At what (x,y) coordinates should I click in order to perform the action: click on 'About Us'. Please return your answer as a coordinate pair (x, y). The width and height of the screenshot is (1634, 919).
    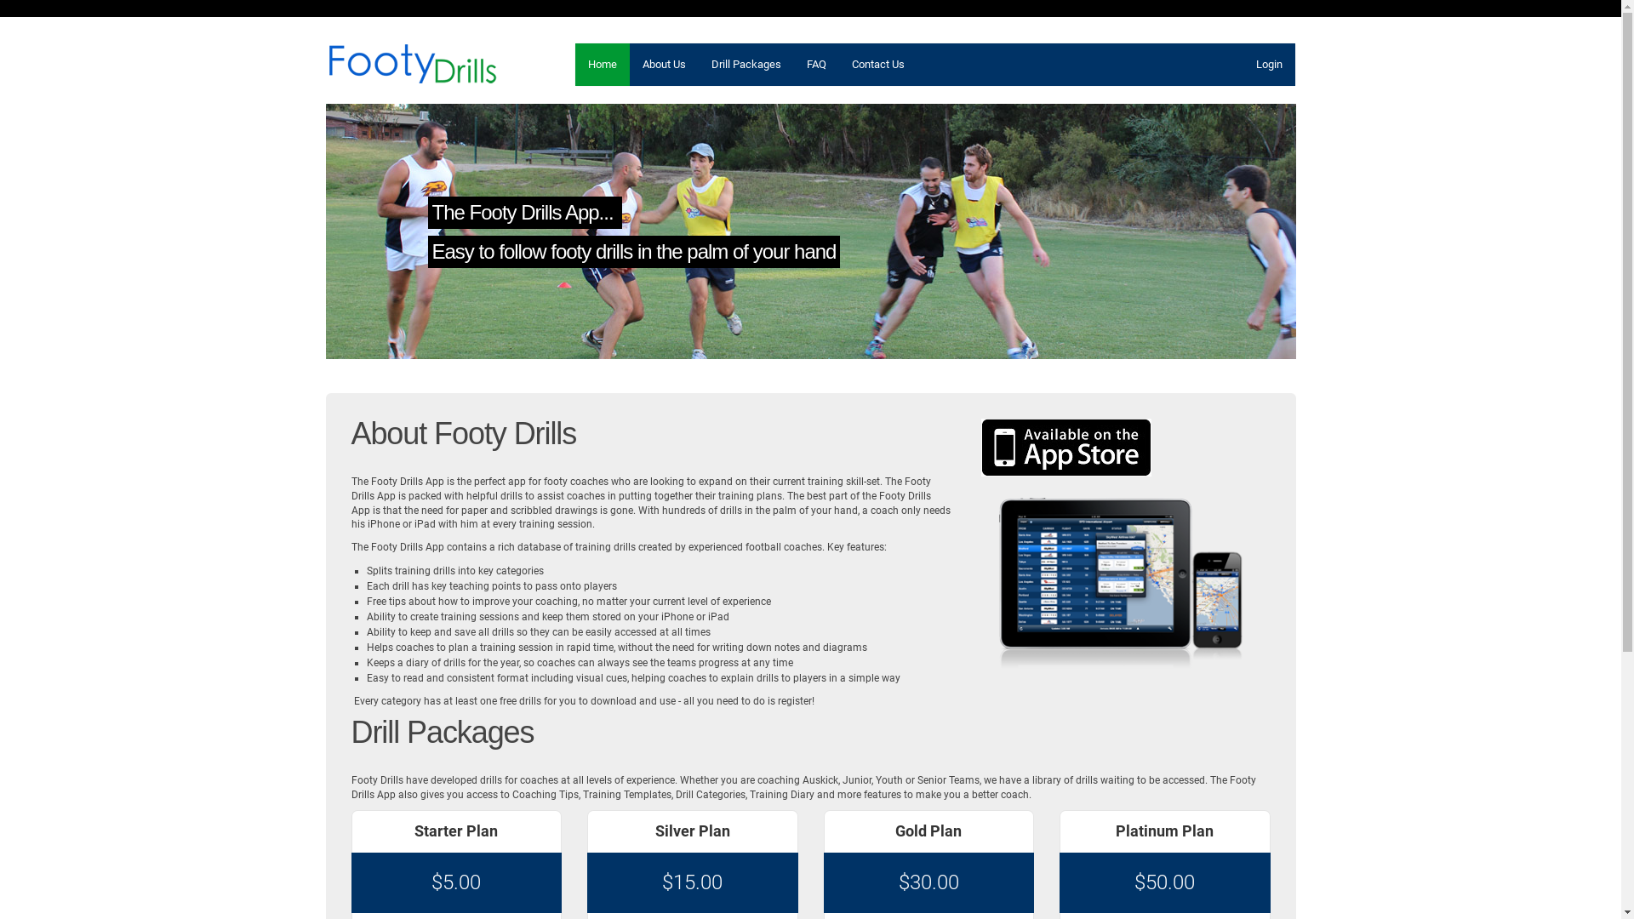
    Looking at the image, I should click on (663, 64).